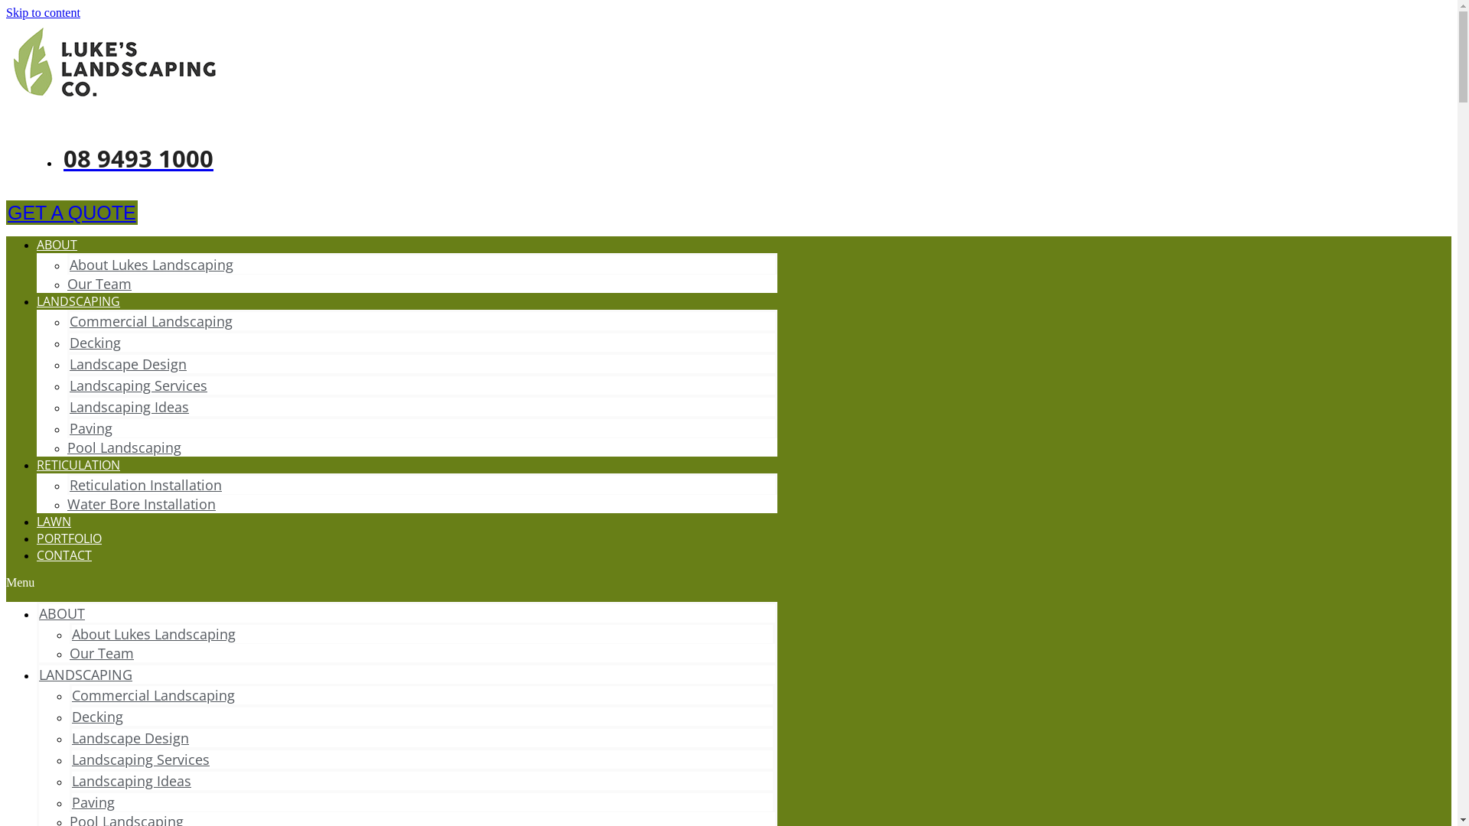 The height and width of the screenshot is (826, 1469). Describe the element at coordinates (138, 385) in the screenshot. I see `'Landscaping Services'` at that location.